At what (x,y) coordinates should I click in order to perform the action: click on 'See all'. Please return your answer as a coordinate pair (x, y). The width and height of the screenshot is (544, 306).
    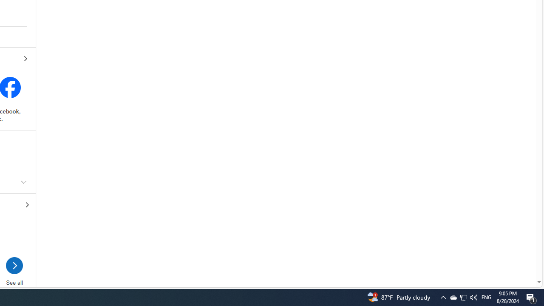
    Looking at the image, I should click on (14, 268).